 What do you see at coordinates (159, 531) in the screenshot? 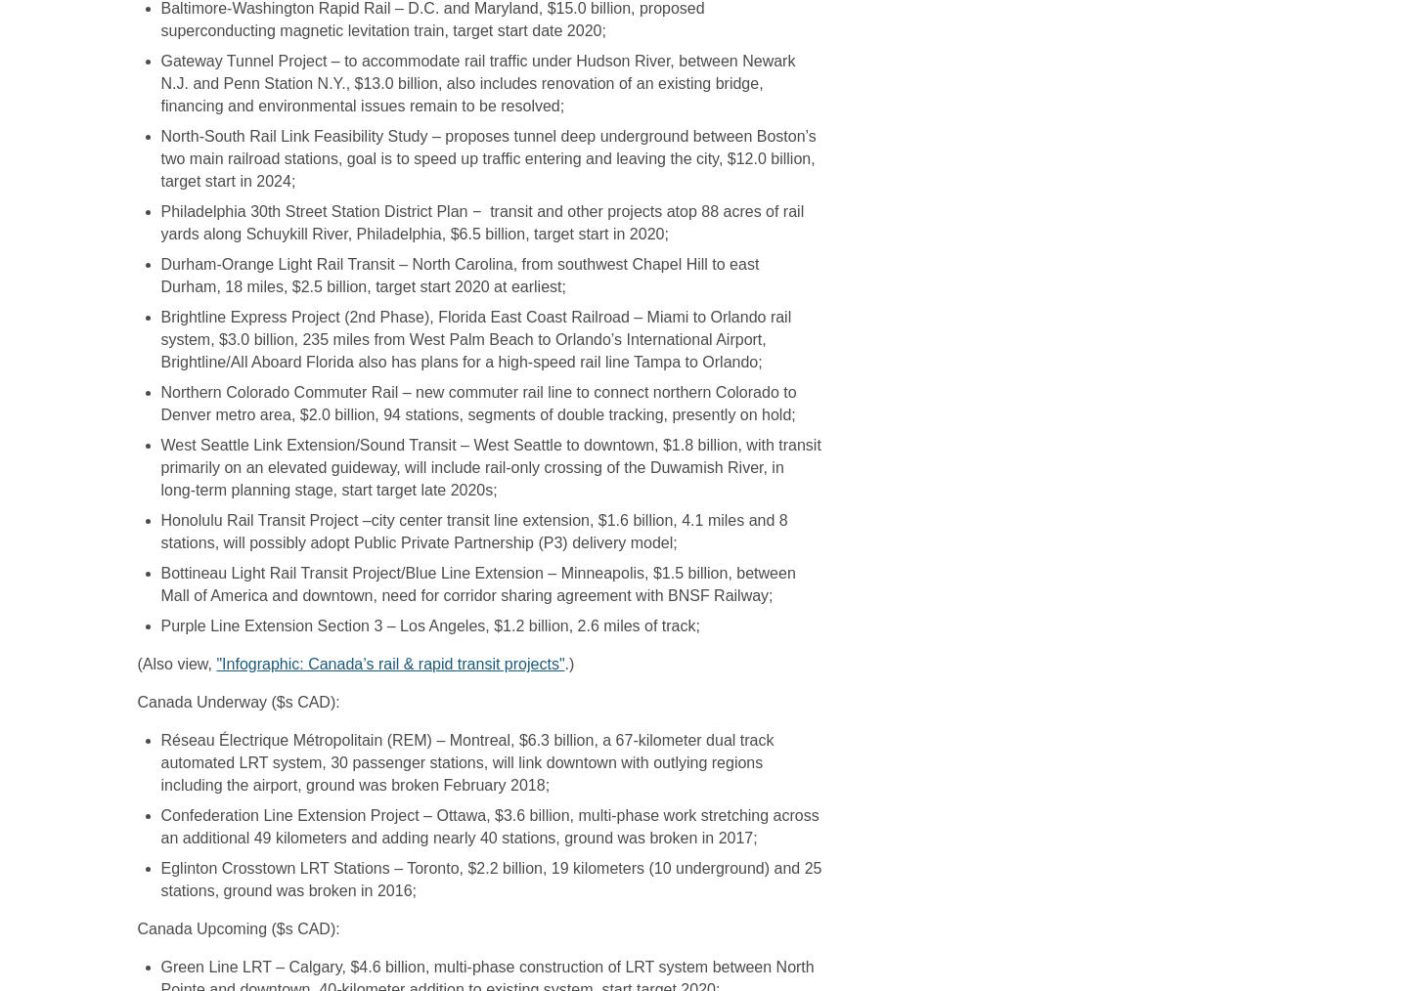
I see `'Honolulu  Rail Transit Project –city center transit line extension, $1.6 billion, 4.1  miles and 8 stations, will possibly adopt Public Private Partnership (P3)  delivery model;'` at bounding box center [159, 531].